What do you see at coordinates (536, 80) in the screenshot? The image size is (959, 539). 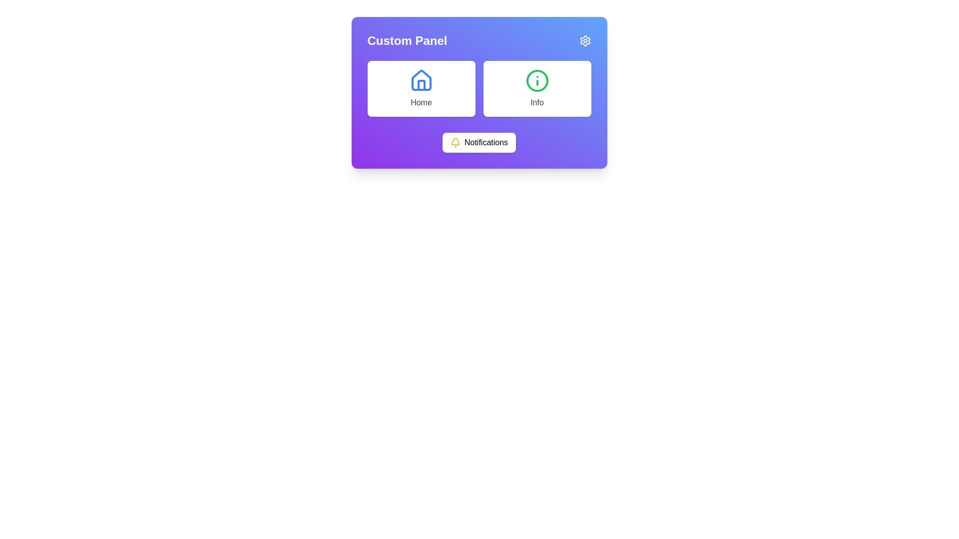 I see `the information icon located in the upper-right section of the interface, which provides context about the 'Info' button` at bounding box center [536, 80].